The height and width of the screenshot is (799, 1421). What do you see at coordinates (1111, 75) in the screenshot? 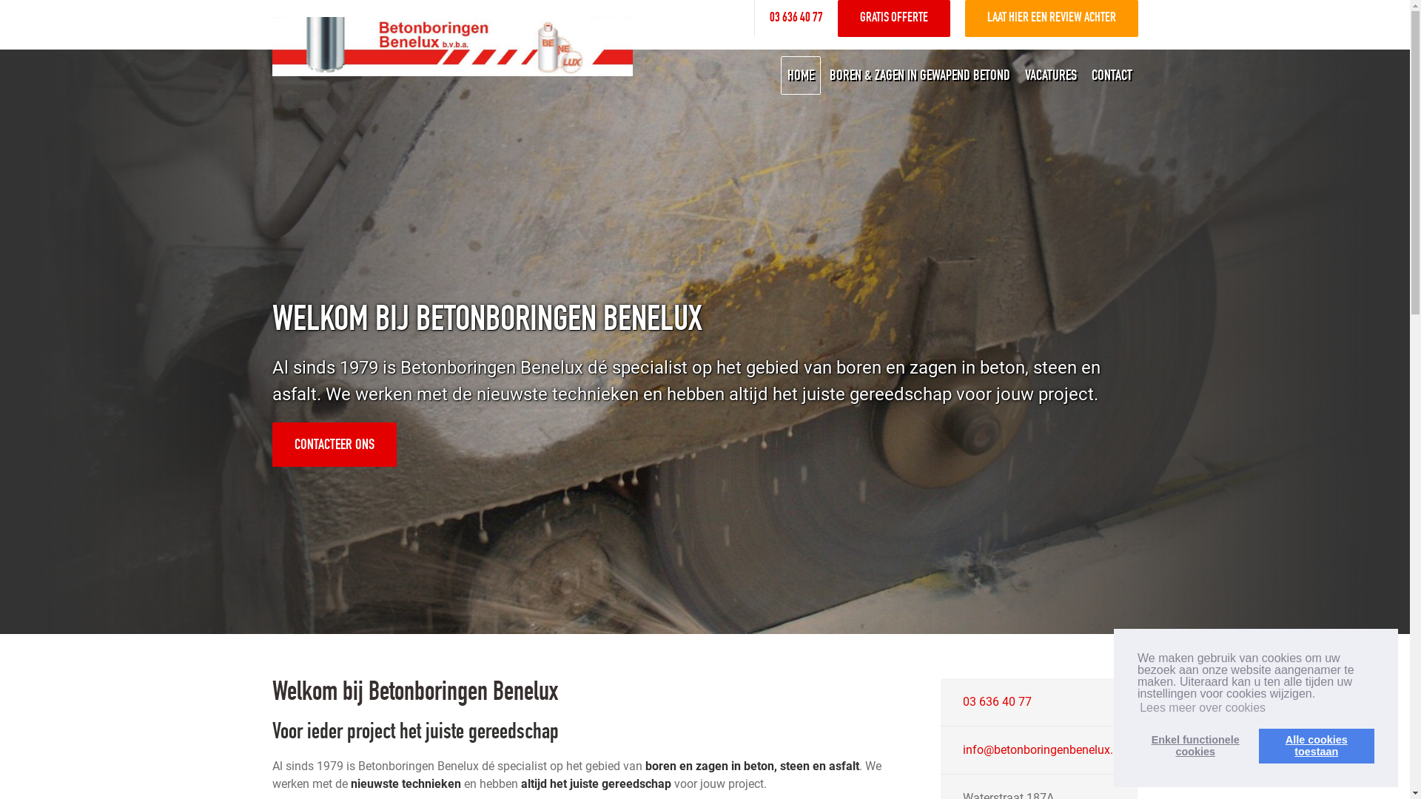
I see `'CONTACT'` at bounding box center [1111, 75].